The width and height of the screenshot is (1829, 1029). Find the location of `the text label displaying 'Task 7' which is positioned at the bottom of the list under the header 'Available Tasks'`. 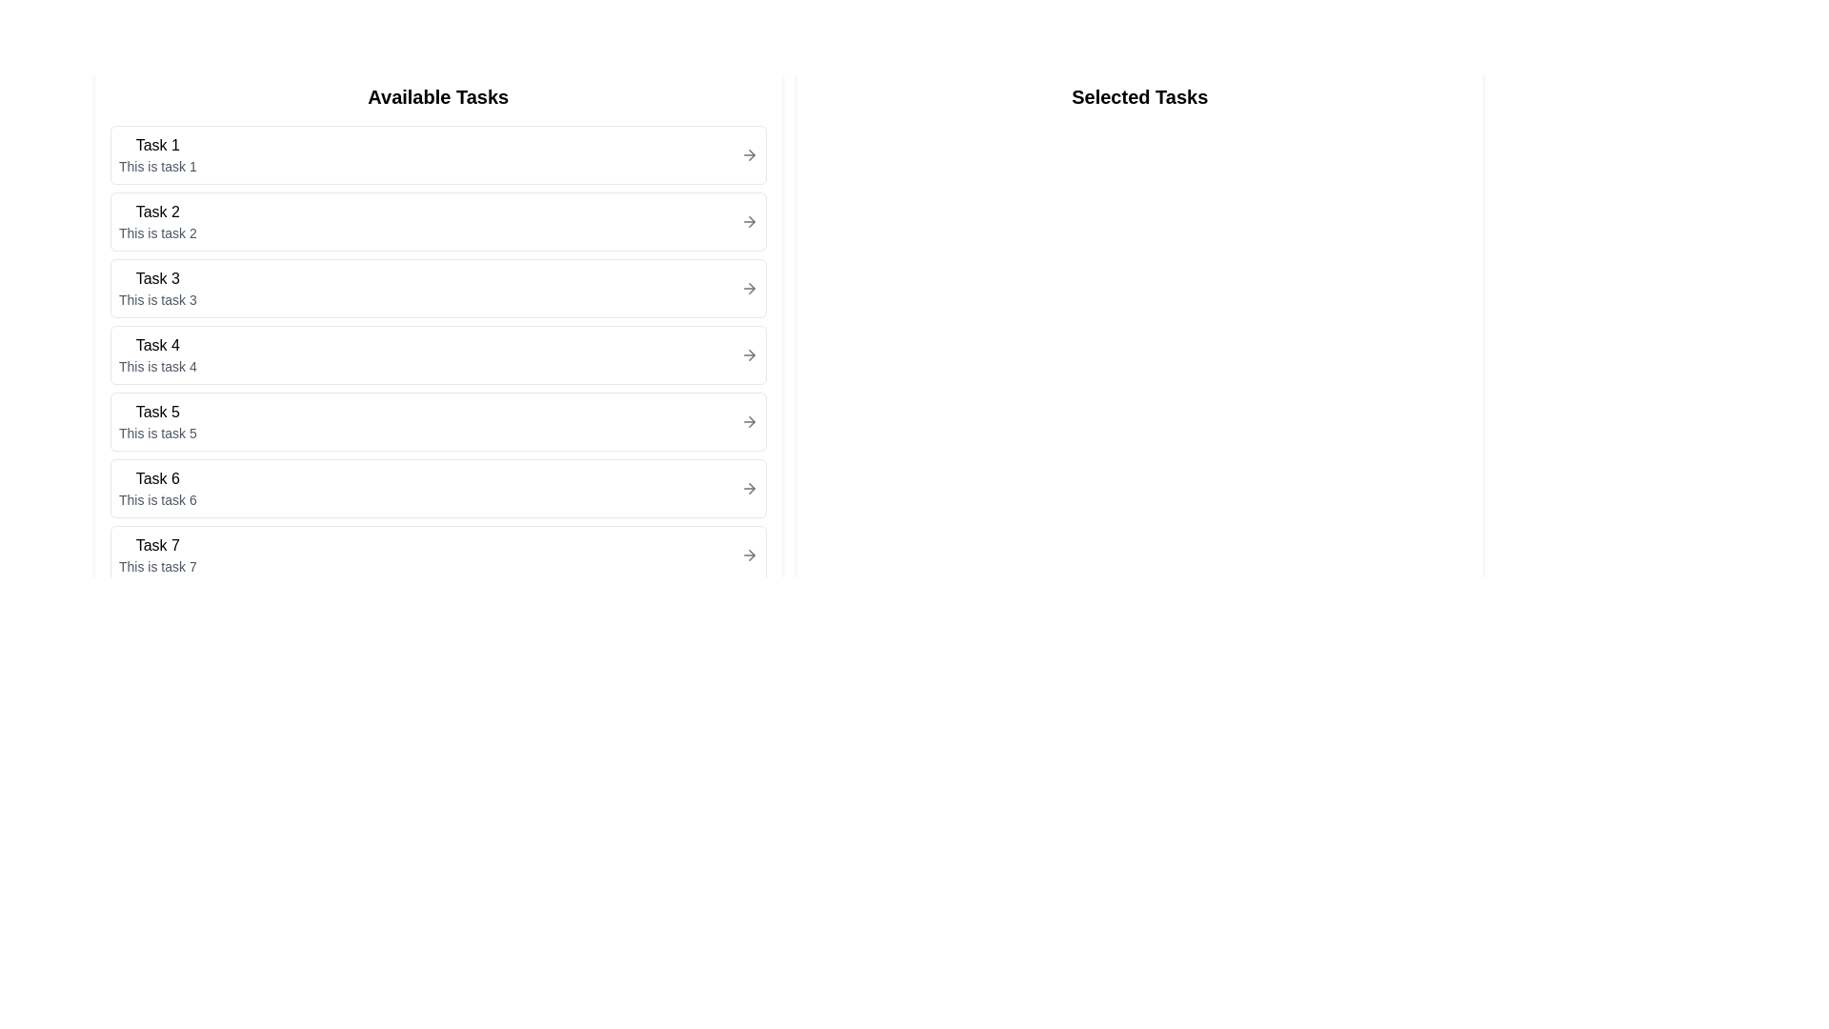

the text label displaying 'Task 7' which is positioned at the bottom of the list under the header 'Available Tasks' is located at coordinates (157, 546).